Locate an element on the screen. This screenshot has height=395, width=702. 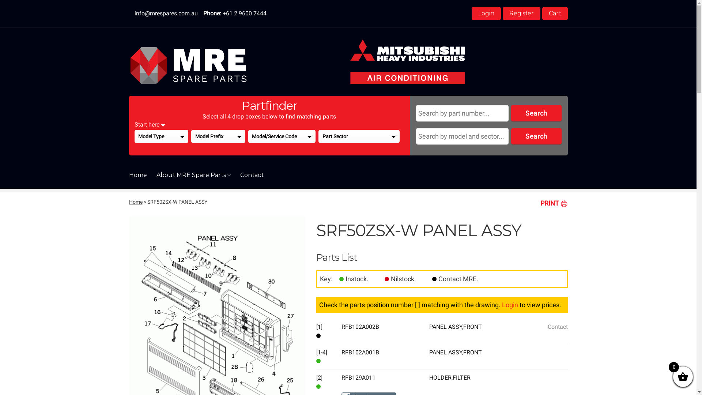
'Out of Stock' is located at coordinates (386, 279).